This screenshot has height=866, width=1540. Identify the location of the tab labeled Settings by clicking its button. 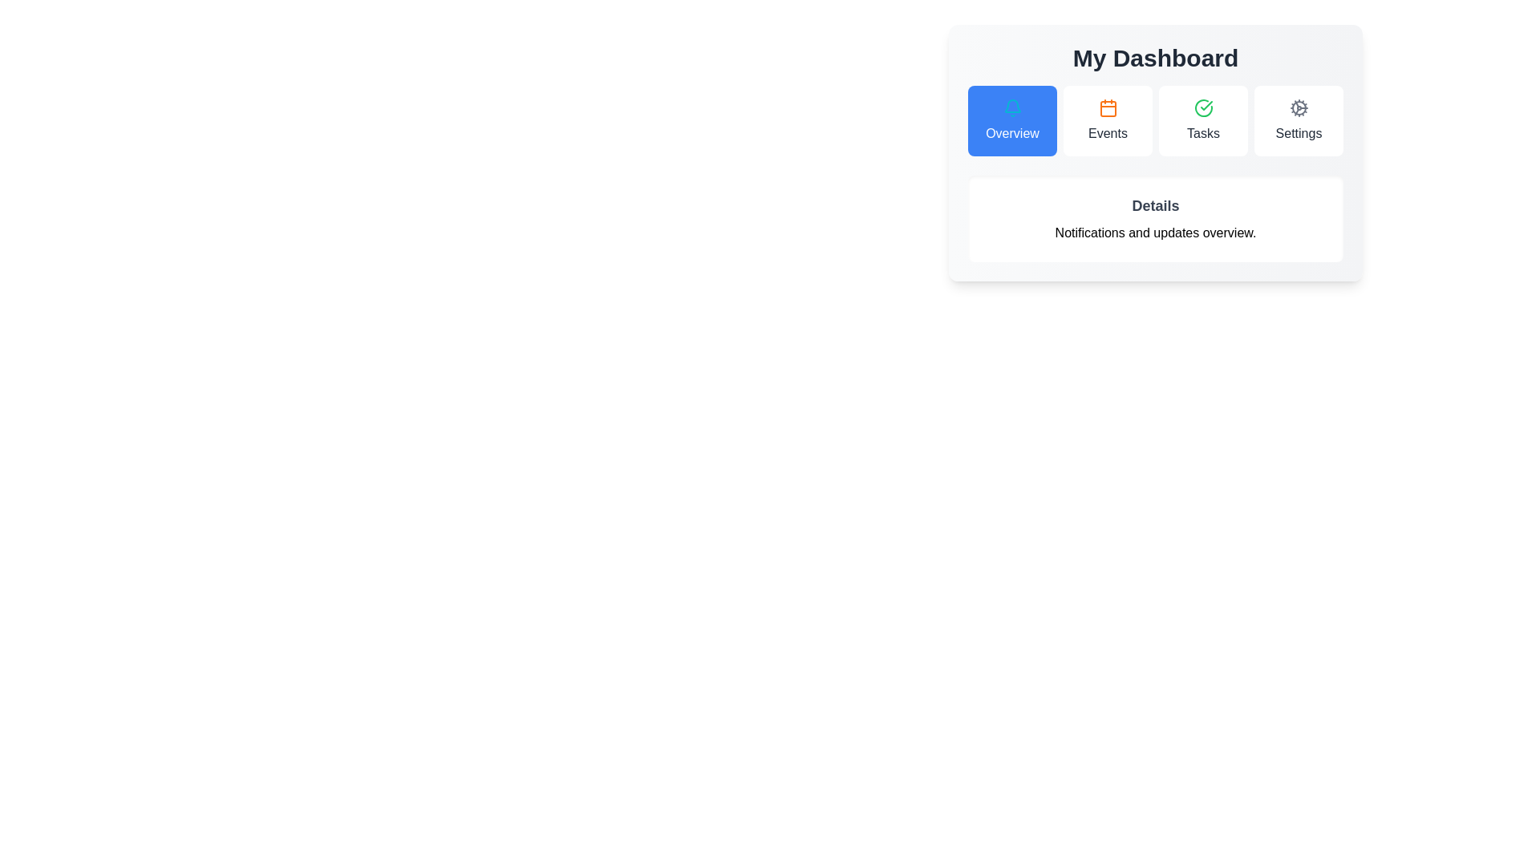
(1299, 119).